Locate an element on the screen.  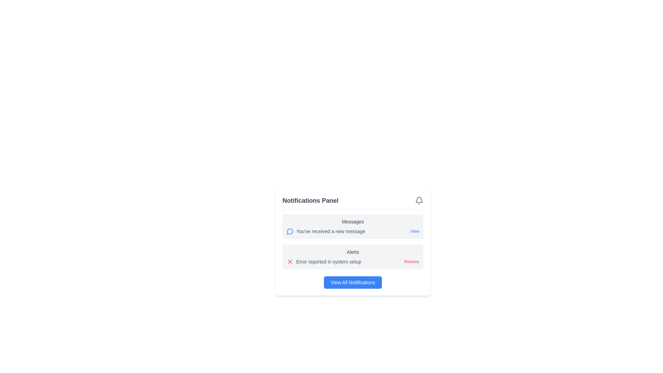
message displayed in the Text Label that shows 'You've received a new message' in the notifications panel under the 'Messages' section is located at coordinates (325, 231).